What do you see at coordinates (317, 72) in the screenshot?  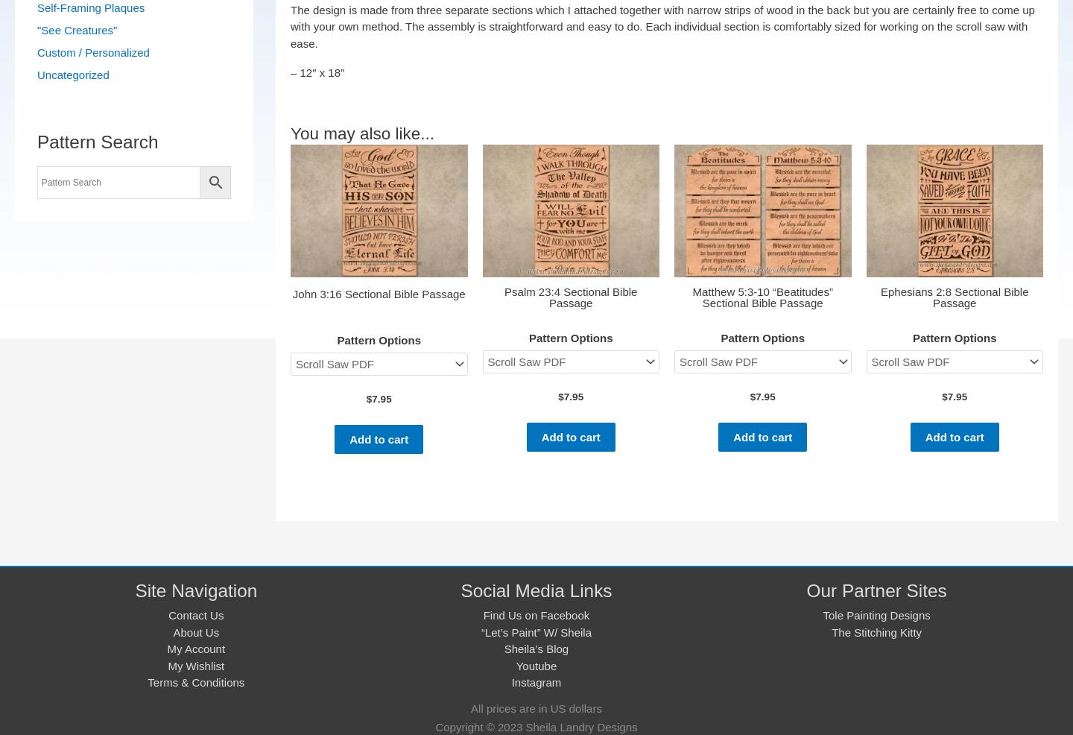 I see `'– 12″ x 18″'` at bounding box center [317, 72].